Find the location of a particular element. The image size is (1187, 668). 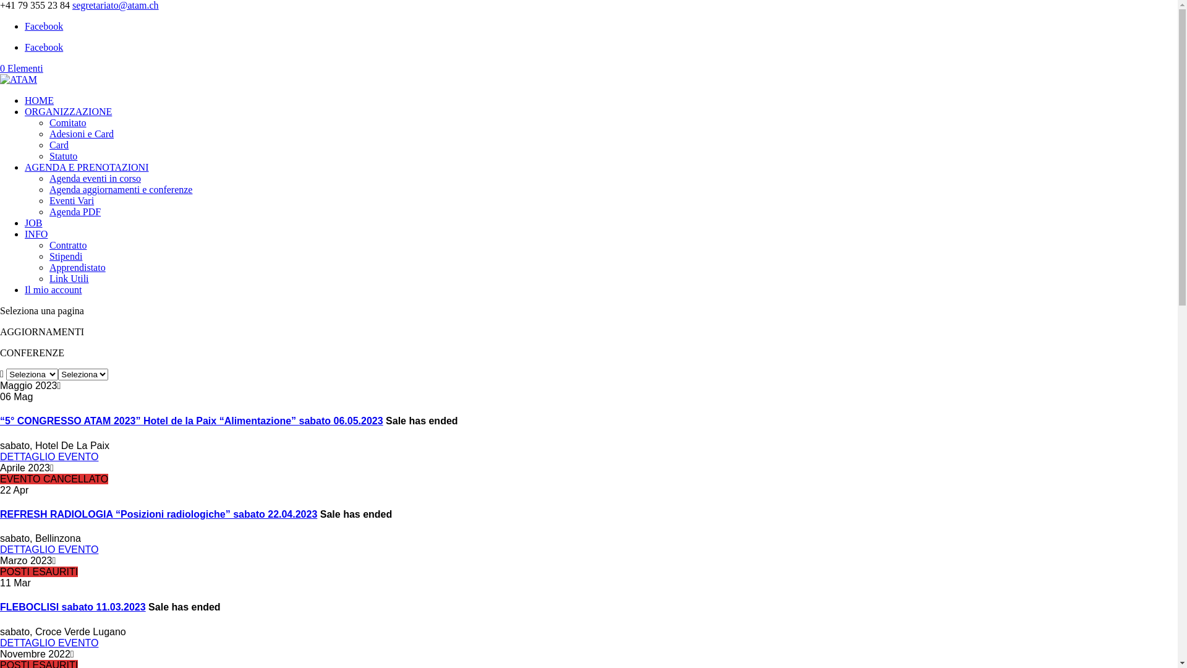

'AGENDA E PRENOTAZIONI' is located at coordinates (85, 167).